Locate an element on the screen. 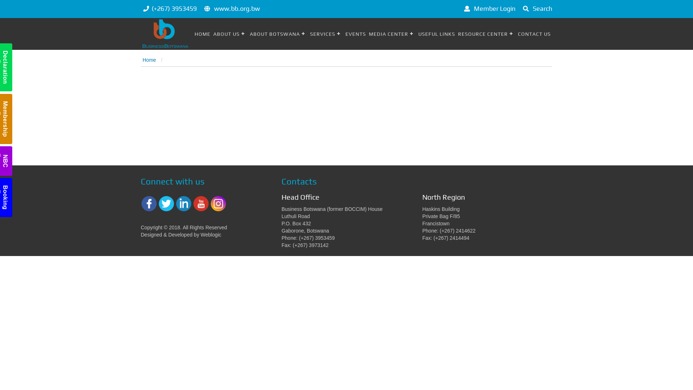 The image size is (693, 390). 'RESOURCE CENTER' is located at coordinates (456, 34).